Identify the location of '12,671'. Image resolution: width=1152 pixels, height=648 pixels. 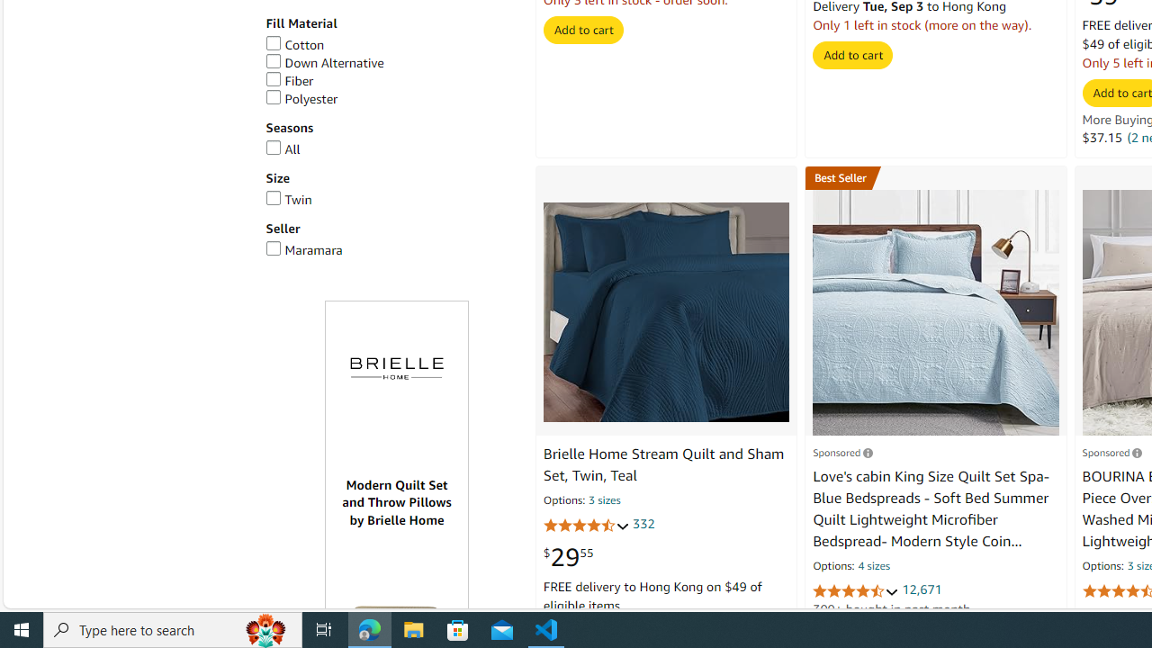
(922, 589).